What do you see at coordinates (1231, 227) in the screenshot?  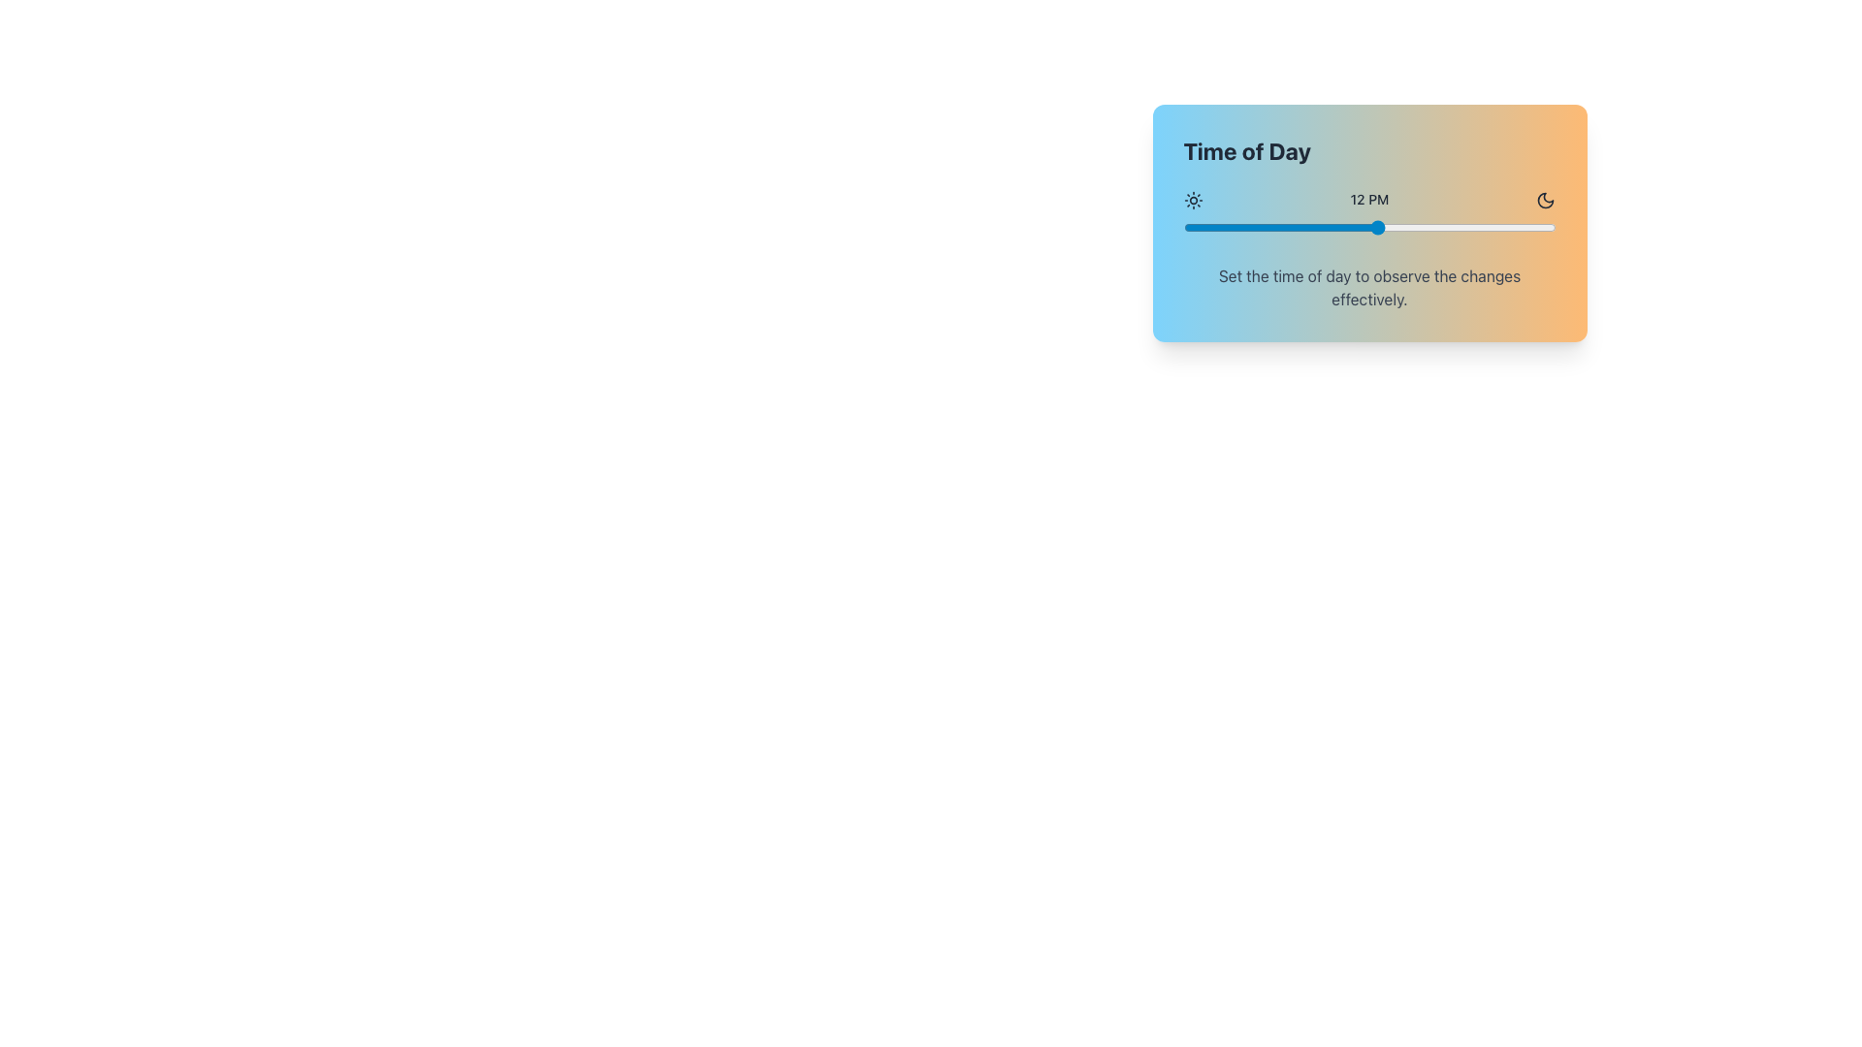 I see `the time of day` at bounding box center [1231, 227].